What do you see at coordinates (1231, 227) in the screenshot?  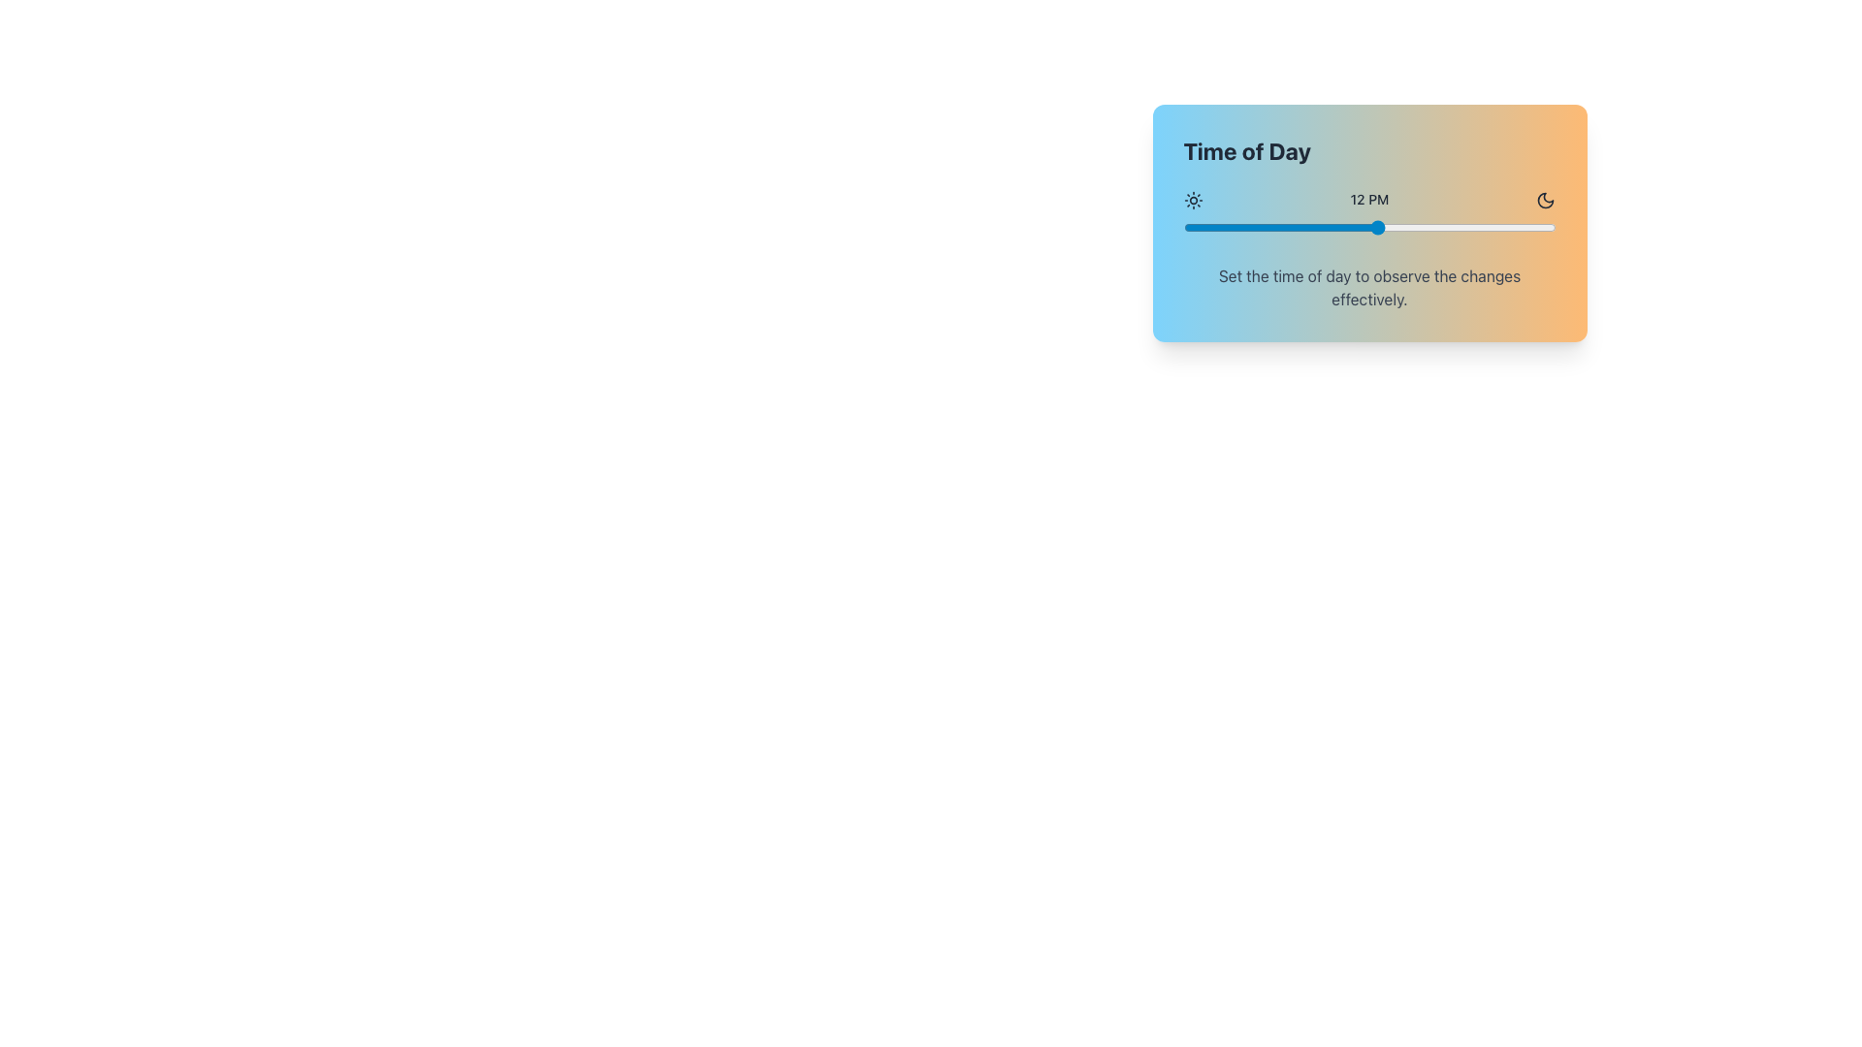 I see `the time of day` at bounding box center [1231, 227].